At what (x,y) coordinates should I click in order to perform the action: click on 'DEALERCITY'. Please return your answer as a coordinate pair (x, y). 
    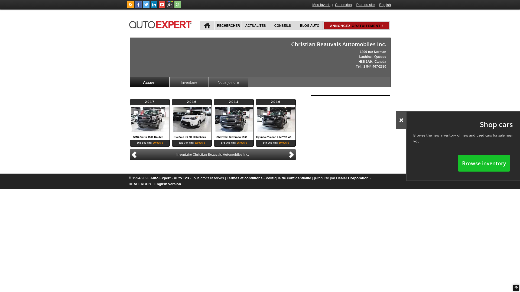
    Looking at the image, I should click on (140, 184).